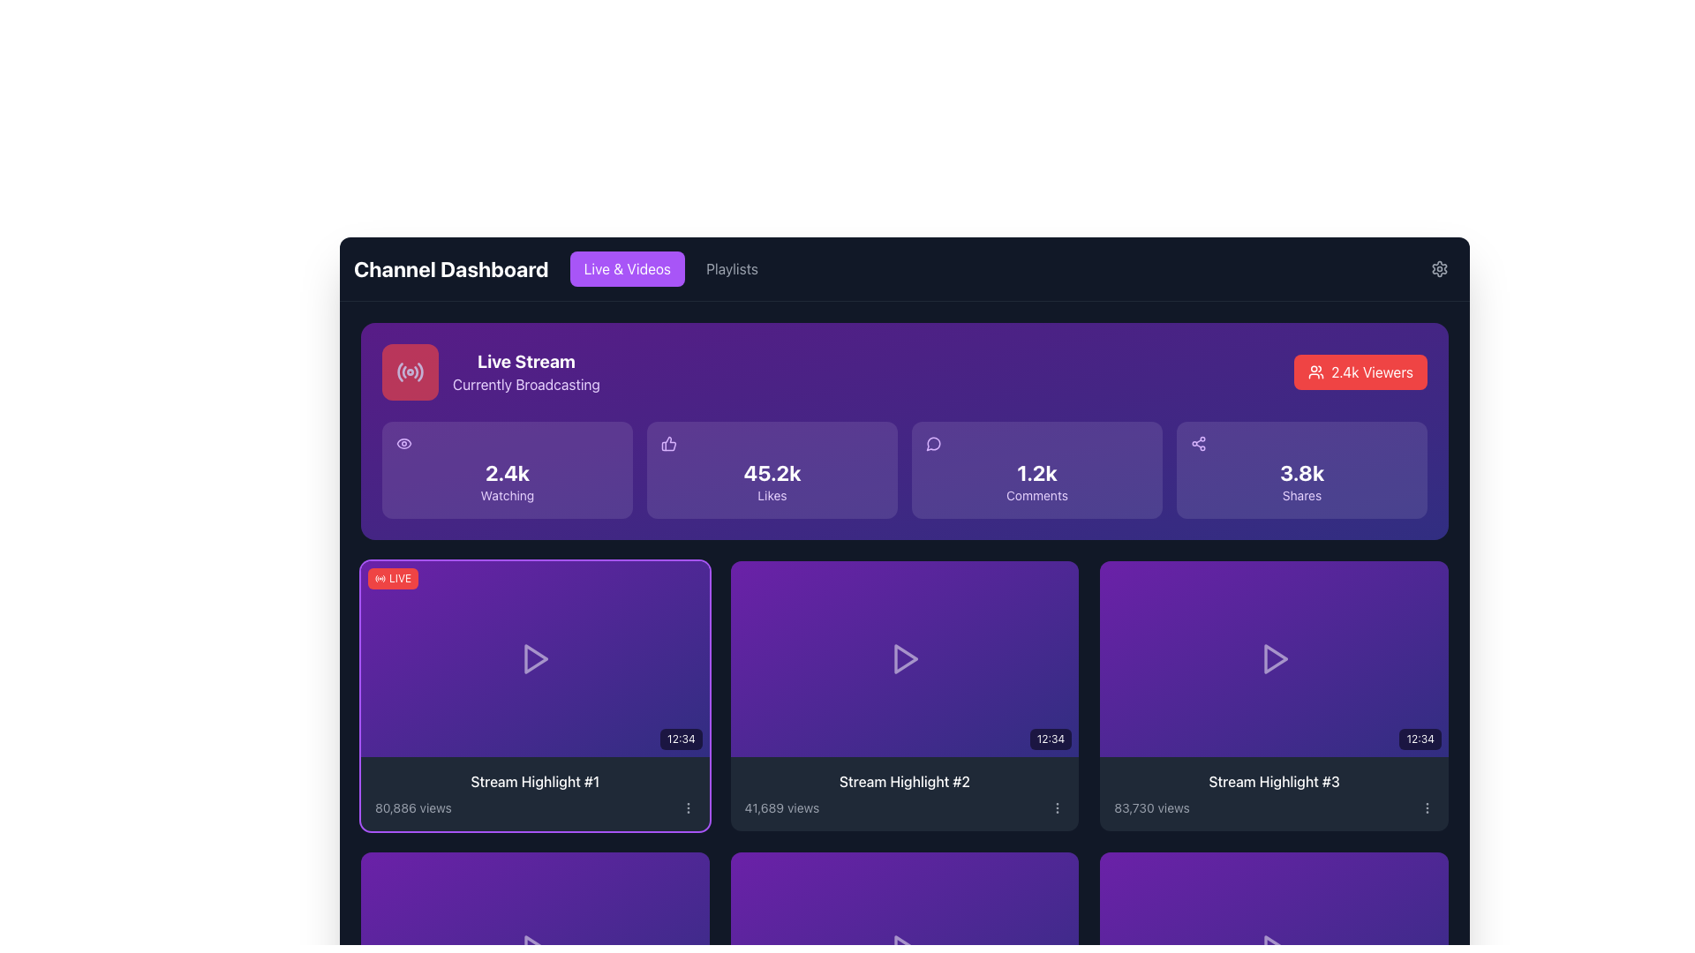 This screenshot has width=1695, height=953. I want to click on the play icon for Stream Highlight #3, located at the center of the thumbnail in the bottom-right corner of the second row, to trigger additional information or animations, so click(1274, 658).